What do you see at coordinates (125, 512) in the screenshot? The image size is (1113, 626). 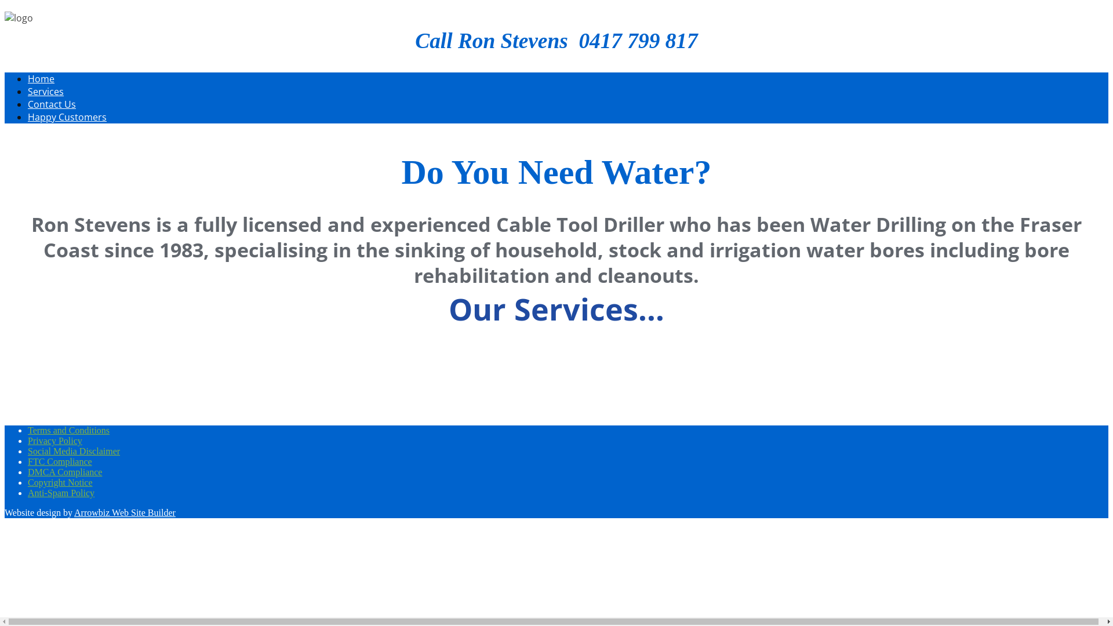 I see `'Arrowbiz Web Site Builder'` at bounding box center [125, 512].